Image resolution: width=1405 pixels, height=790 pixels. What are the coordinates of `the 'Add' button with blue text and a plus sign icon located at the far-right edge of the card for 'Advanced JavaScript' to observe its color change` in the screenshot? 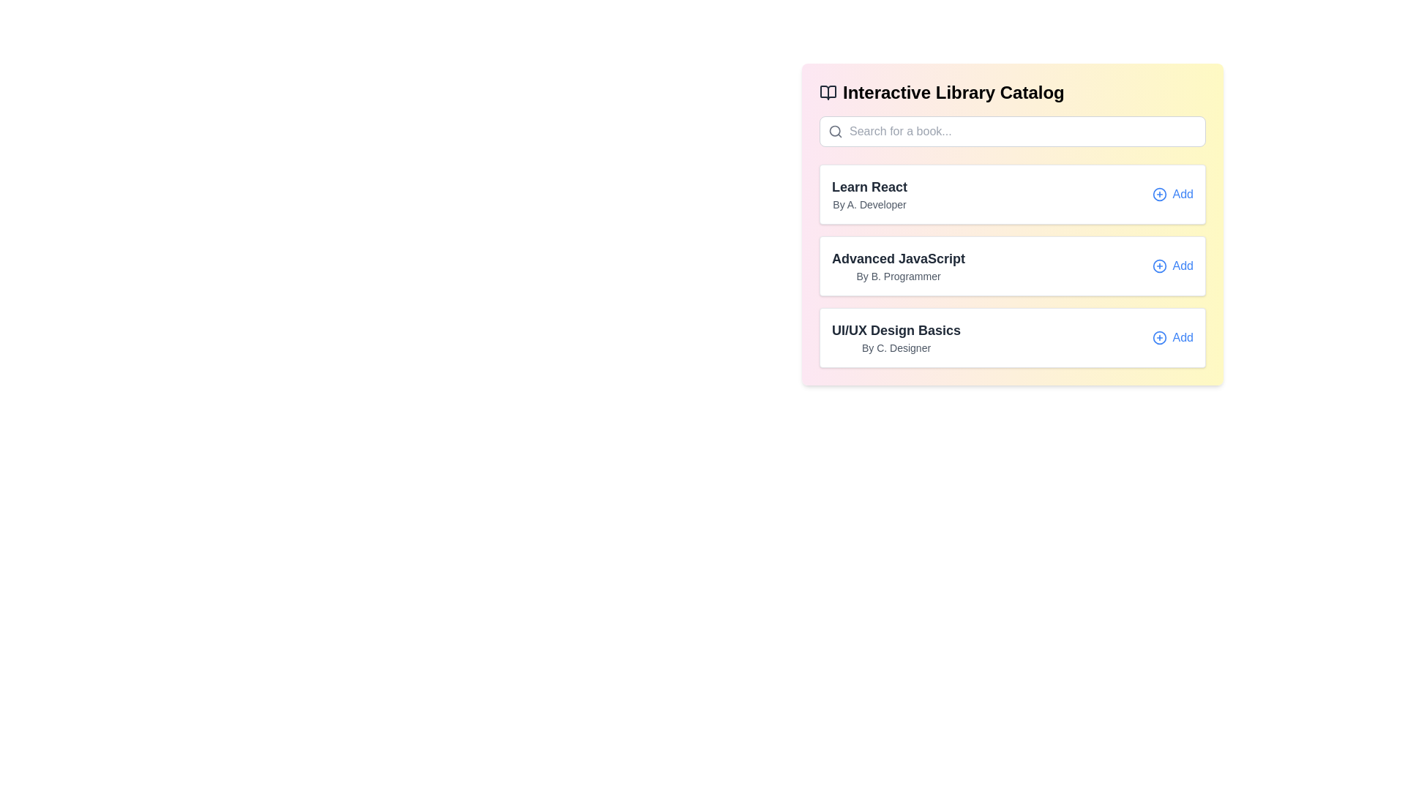 It's located at (1172, 266).